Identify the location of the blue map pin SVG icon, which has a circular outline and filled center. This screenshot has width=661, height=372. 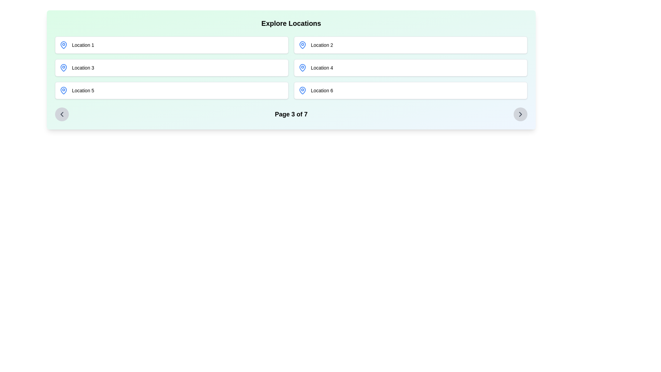
(64, 68).